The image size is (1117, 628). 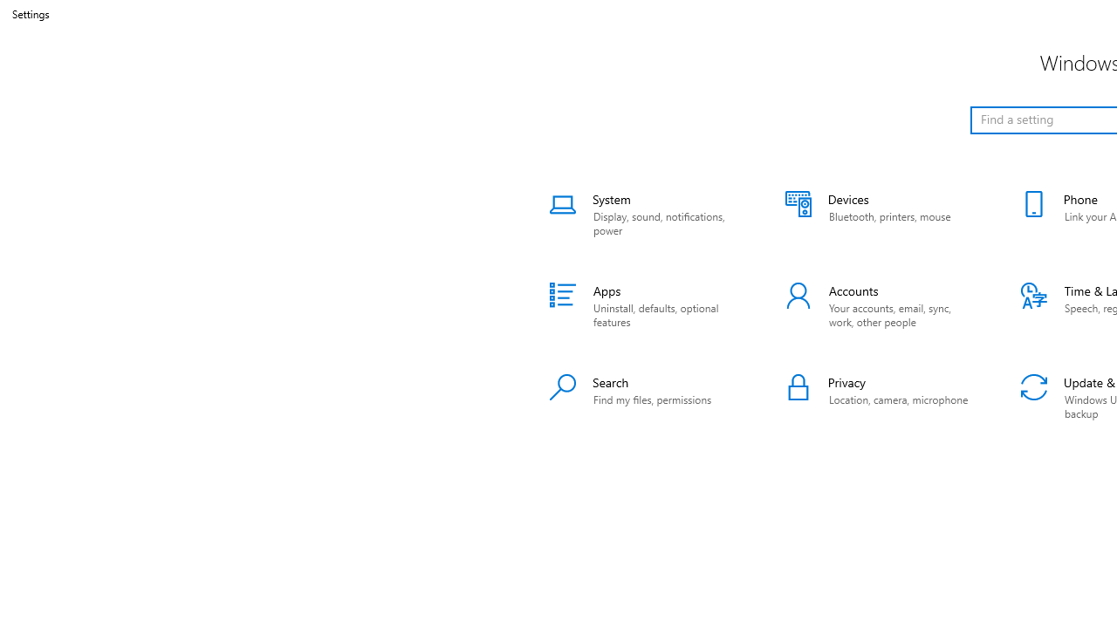 What do you see at coordinates (644, 214) in the screenshot?
I see `'System'` at bounding box center [644, 214].